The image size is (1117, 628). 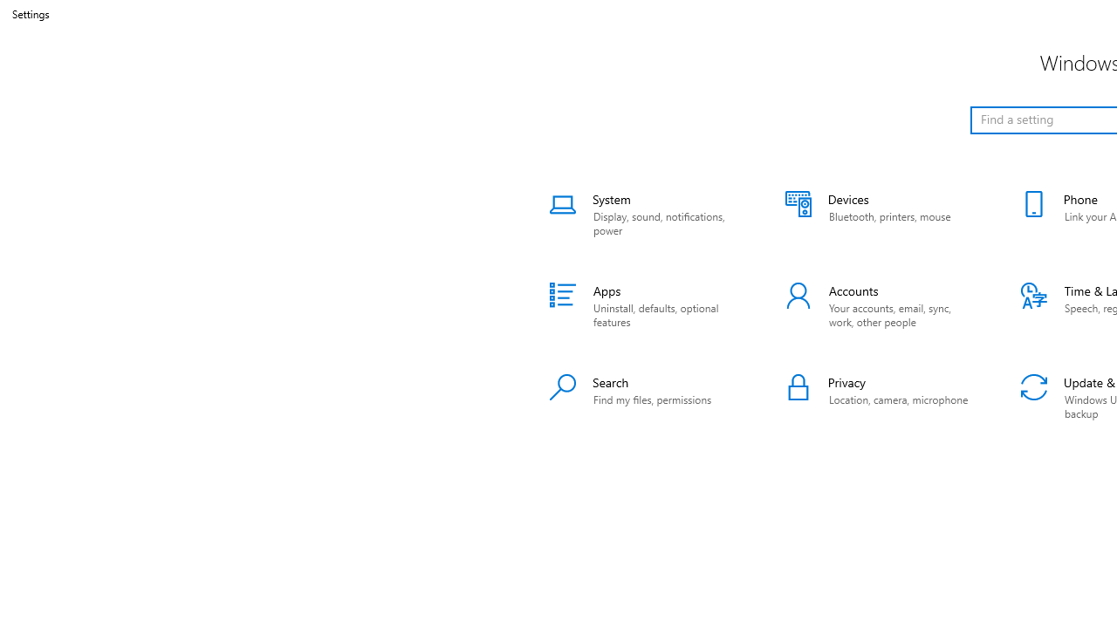 What do you see at coordinates (644, 214) in the screenshot?
I see `'System'` at bounding box center [644, 214].